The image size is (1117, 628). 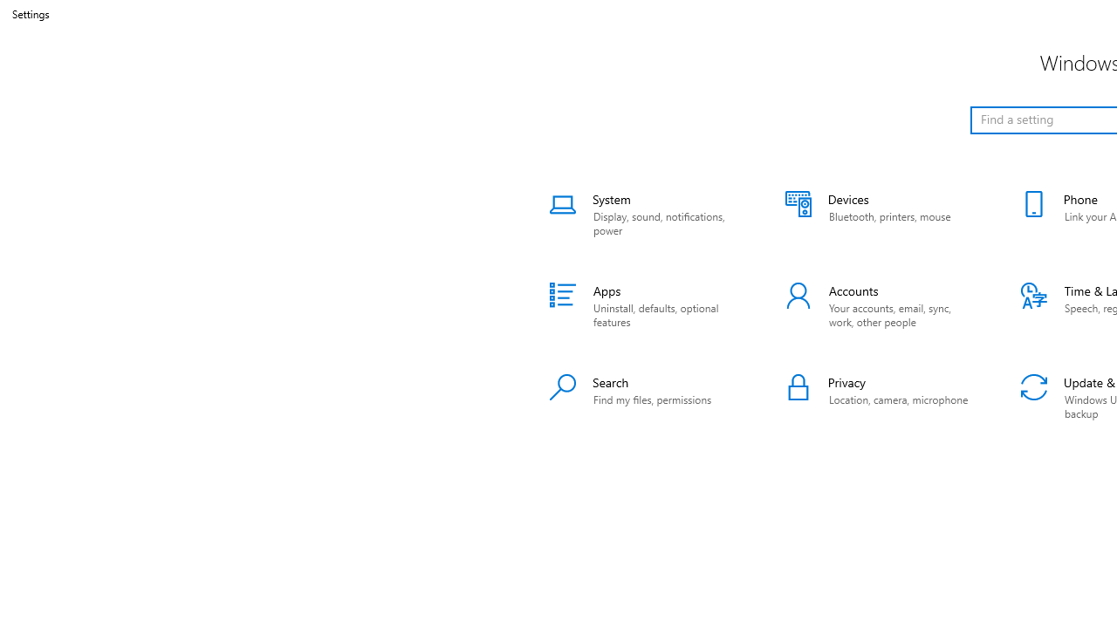 What do you see at coordinates (644, 214) in the screenshot?
I see `'System'` at bounding box center [644, 214].